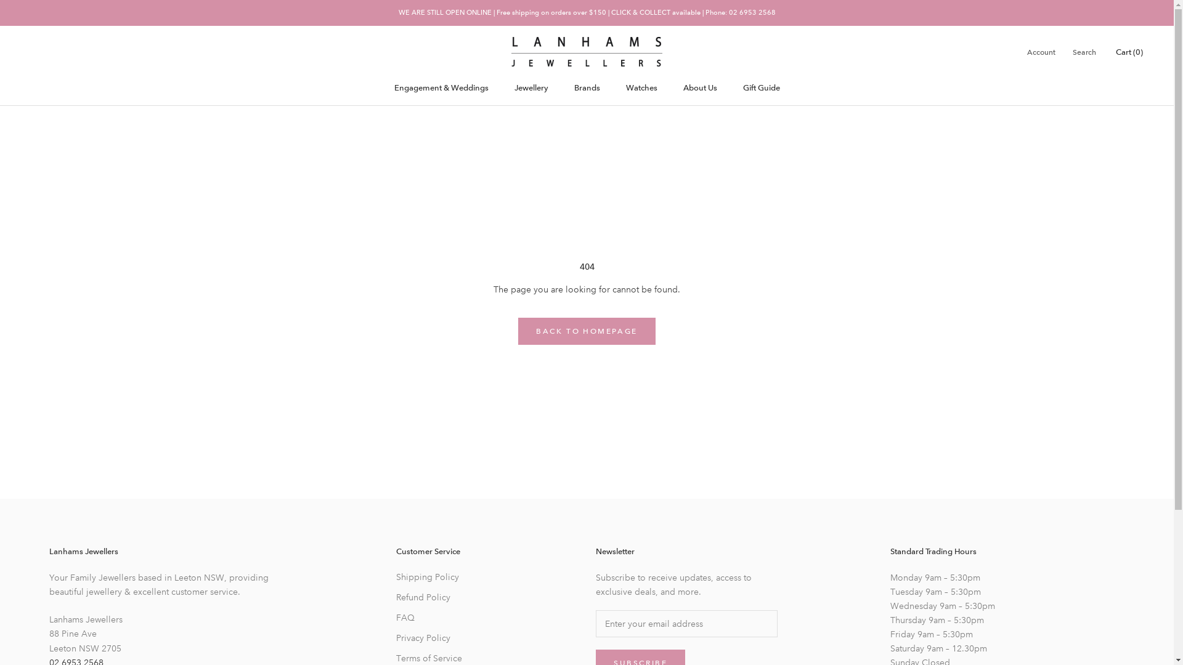  Describe the element at coordinates (440, 618) in the screenshot. I see `'FAQ'` at that location.